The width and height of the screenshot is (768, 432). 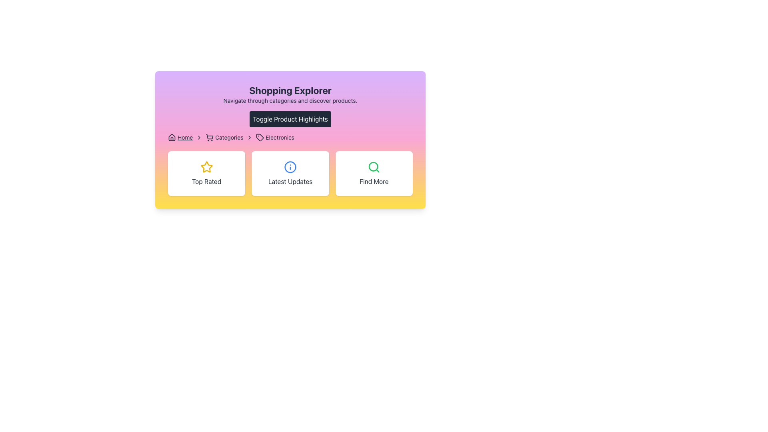 I want to click on the visual styling of the magnifying glass icon, which is green and located in the third card labeled 'Find More' within the grid layout, so click(x=374, y=166).